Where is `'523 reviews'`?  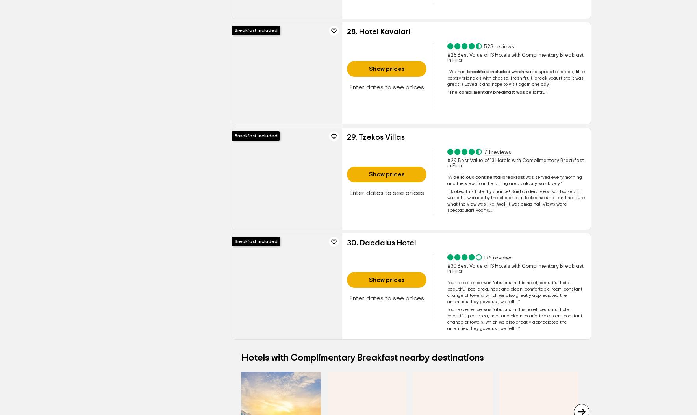
'523 reviews' is located at coordinates (498, 46).